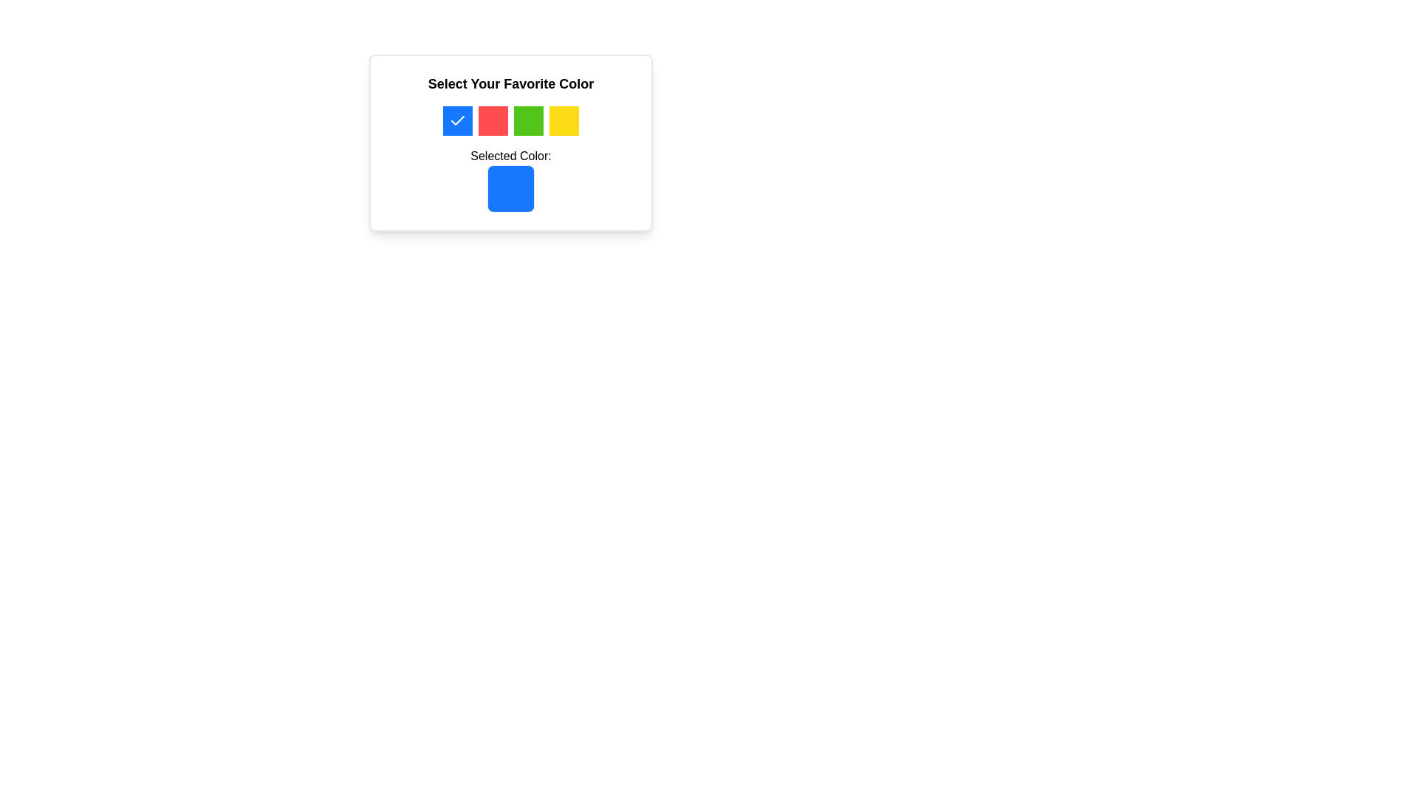  I want to click on the red color button located in the group of four colorful boxes to receive additional information or visual feedback, so click(493, 120).